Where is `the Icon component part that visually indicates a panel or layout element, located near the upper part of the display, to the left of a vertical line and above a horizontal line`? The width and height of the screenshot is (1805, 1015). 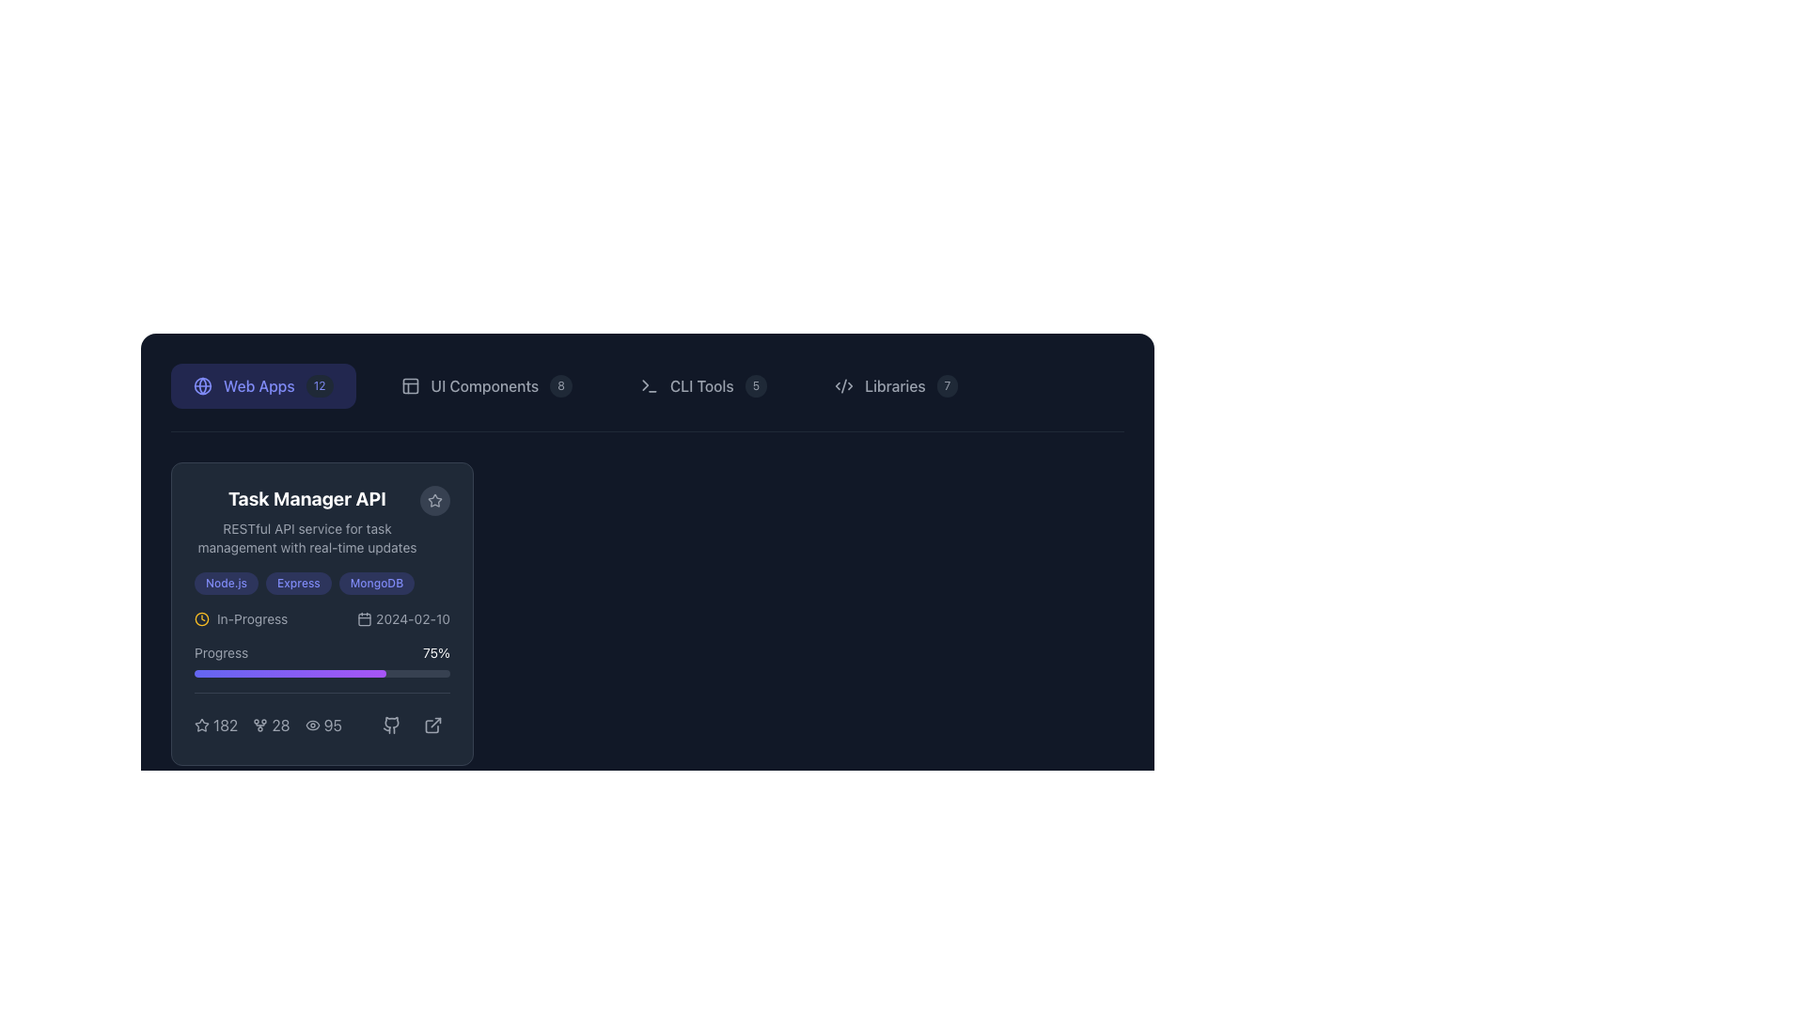 the Icon component part that visually indicates a panel or layout element, located near the upper part of the display, to the left of a vertical line and above a horizontal line is located at coordinates (409, 385).